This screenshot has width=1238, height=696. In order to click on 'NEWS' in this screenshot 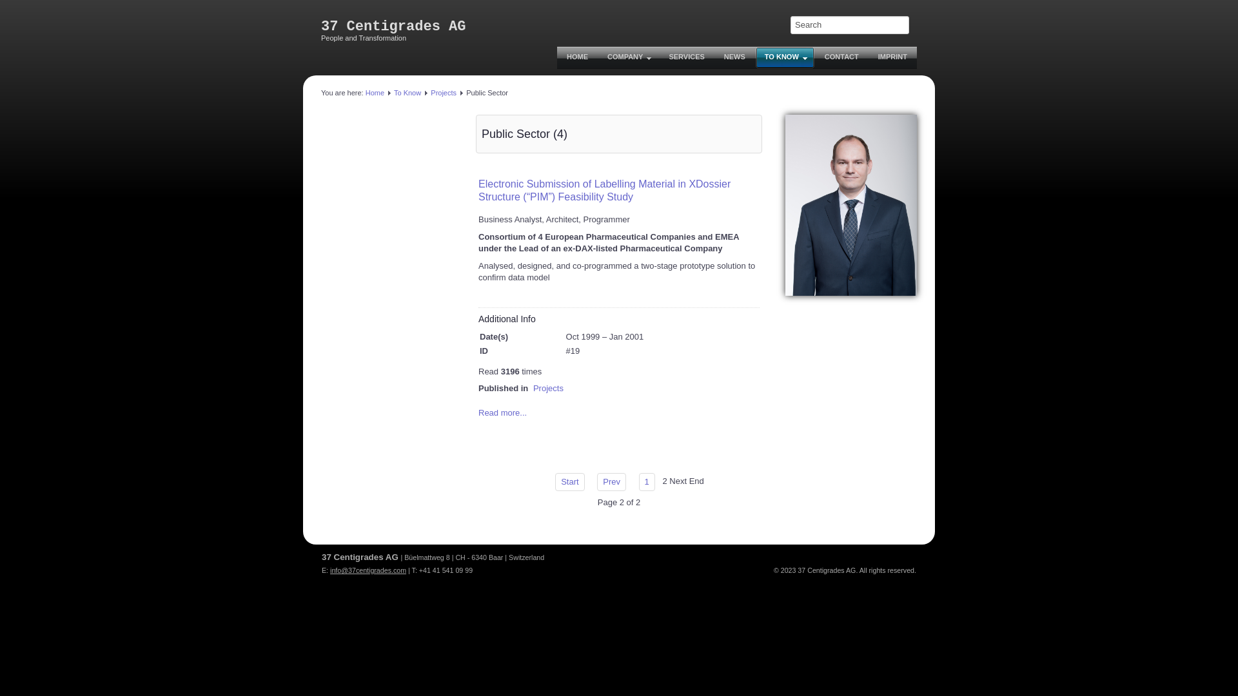, I will do `click(734, 57)`.